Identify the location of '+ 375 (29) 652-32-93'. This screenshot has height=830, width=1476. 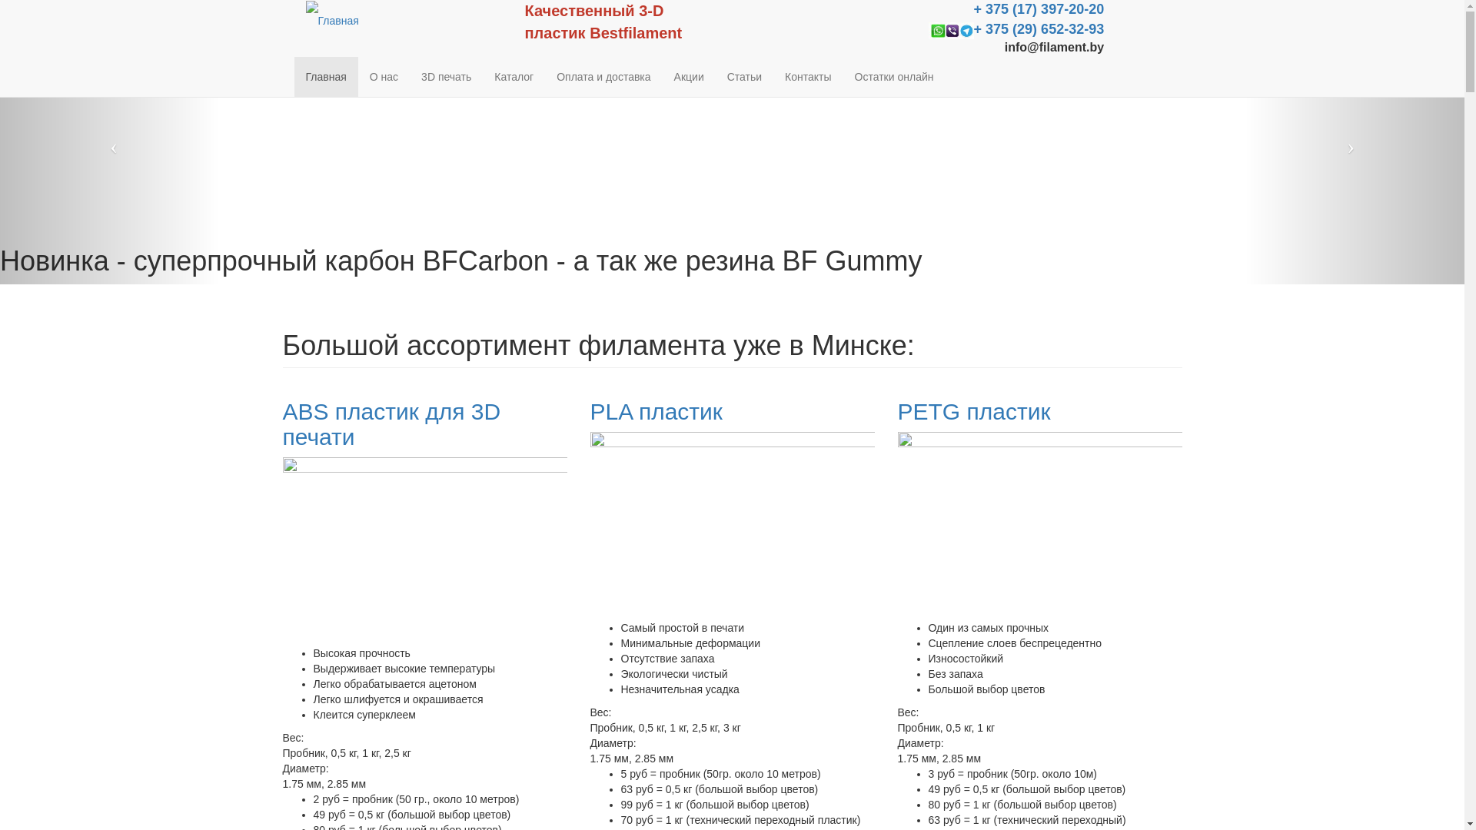
(1039, 29).